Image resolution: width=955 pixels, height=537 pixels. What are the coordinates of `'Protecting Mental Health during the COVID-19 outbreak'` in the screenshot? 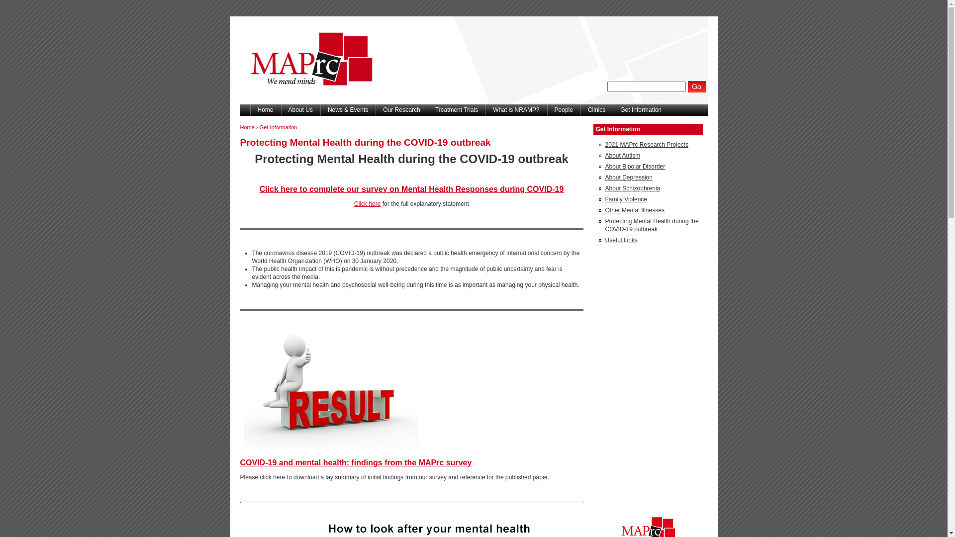 It's located at (604, 225).